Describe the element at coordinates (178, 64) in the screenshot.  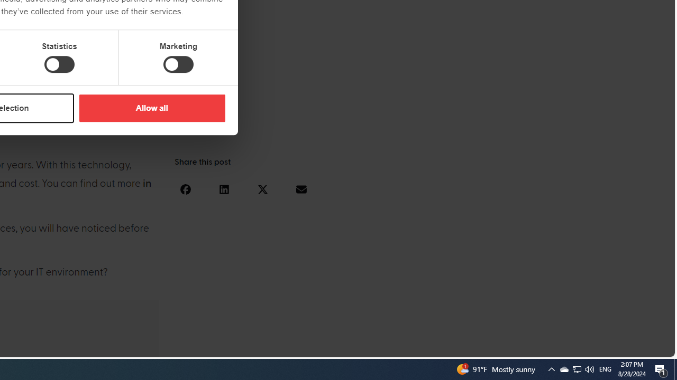
I see `'Marketing'` at that location.